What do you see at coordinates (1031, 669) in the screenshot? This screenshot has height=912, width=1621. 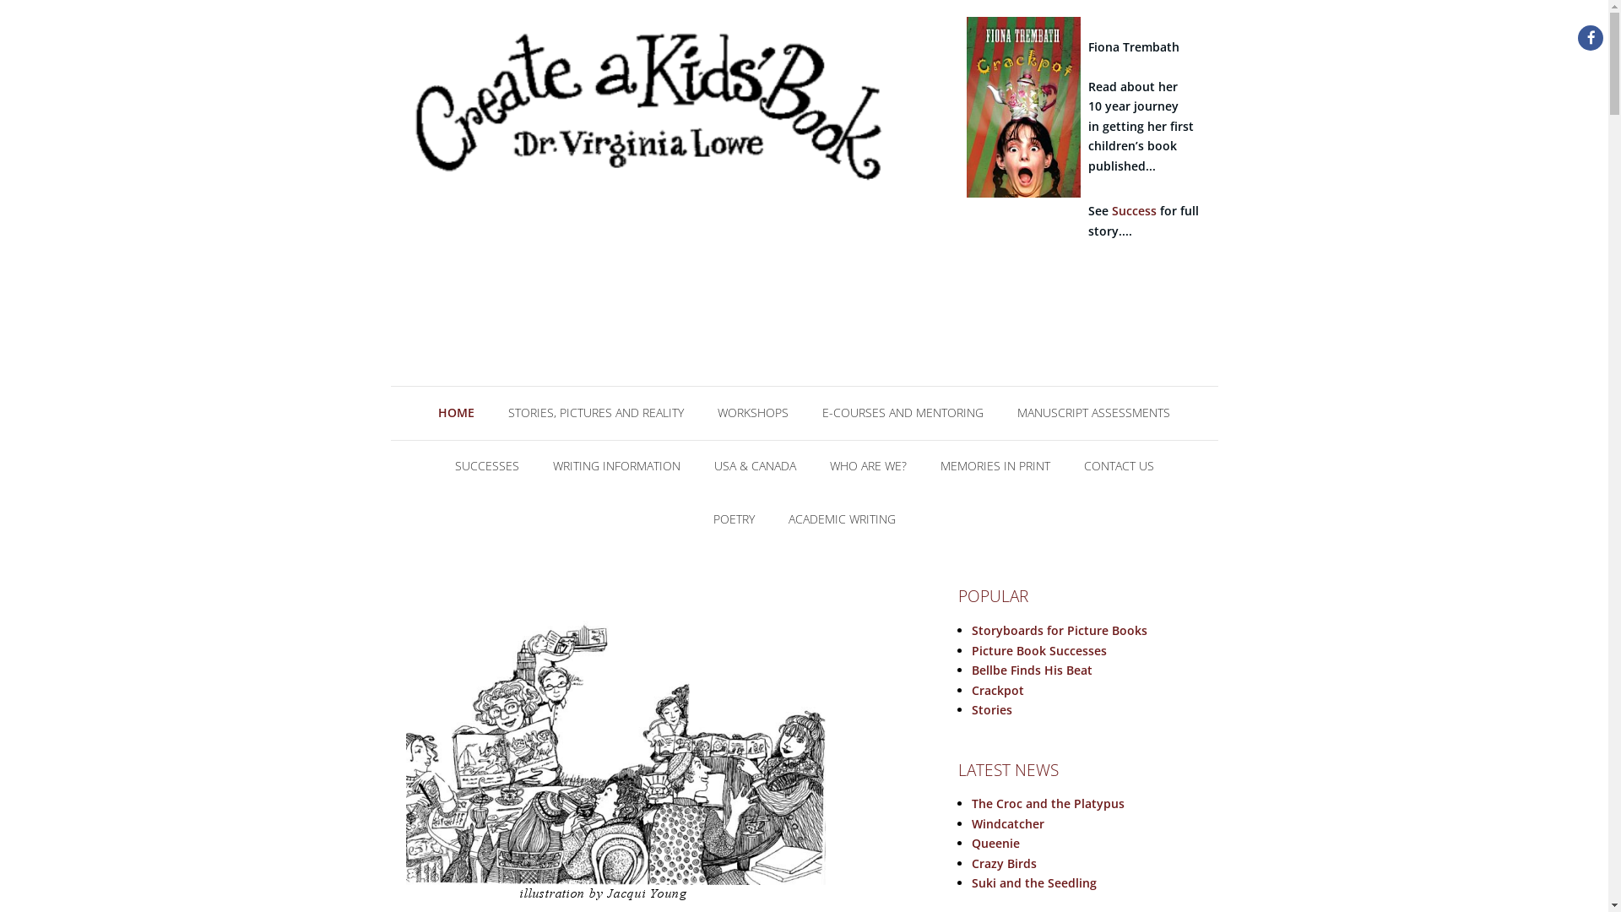 I see `'Bellbe Finds His Beat'` at bounding box center [1031, 669].